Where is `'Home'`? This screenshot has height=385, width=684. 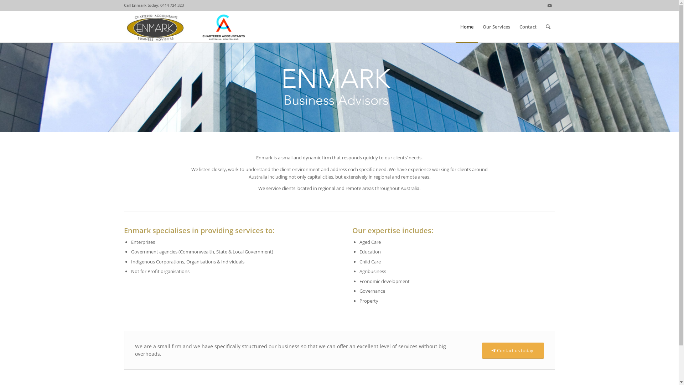
'Home' is located at coordinates (466, 26).